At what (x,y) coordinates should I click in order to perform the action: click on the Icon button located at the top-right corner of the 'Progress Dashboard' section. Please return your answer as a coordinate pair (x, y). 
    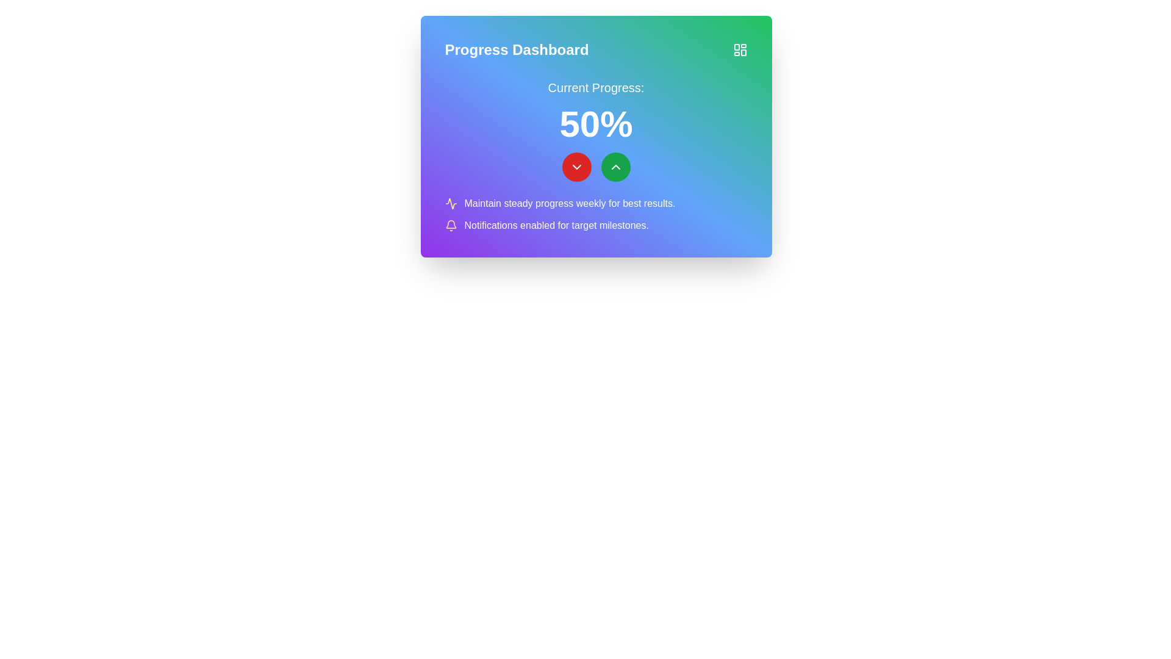
    Looking at the image, I should click on (739, 49).